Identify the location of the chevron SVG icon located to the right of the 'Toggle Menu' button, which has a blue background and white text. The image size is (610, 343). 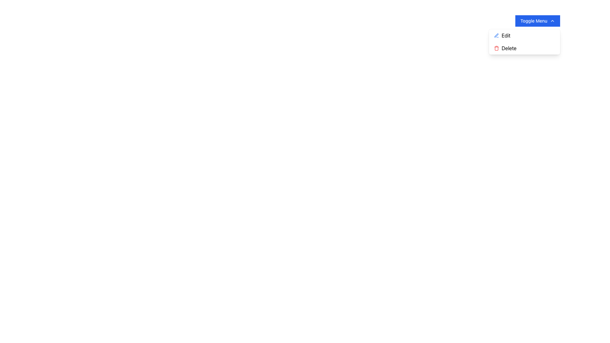
(552, 20).